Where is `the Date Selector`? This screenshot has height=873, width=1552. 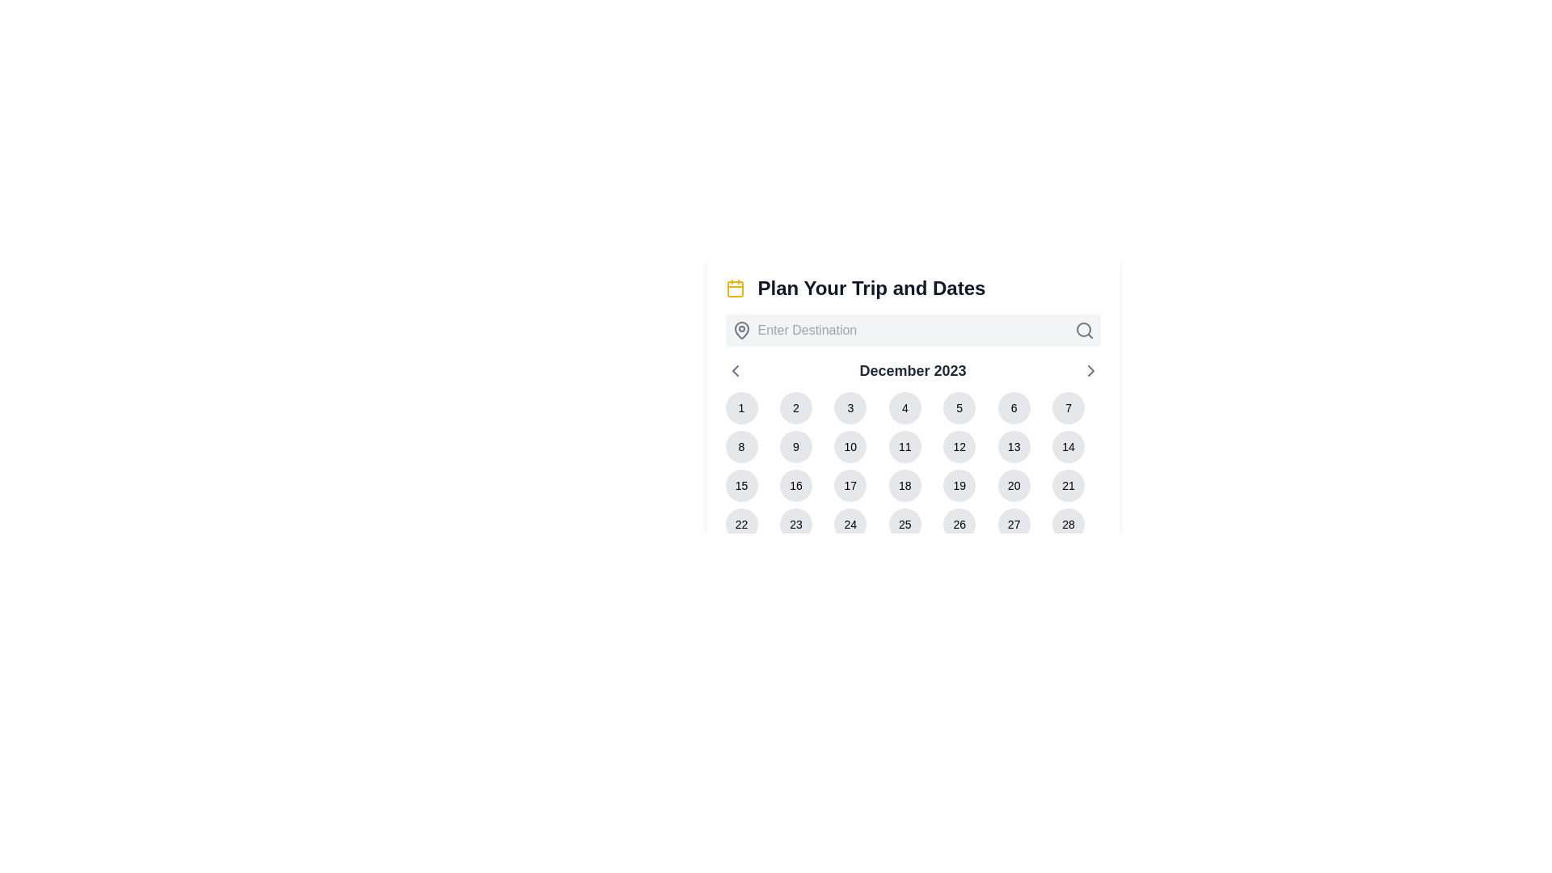 the Date Selector is located at coordinates (913, 385).